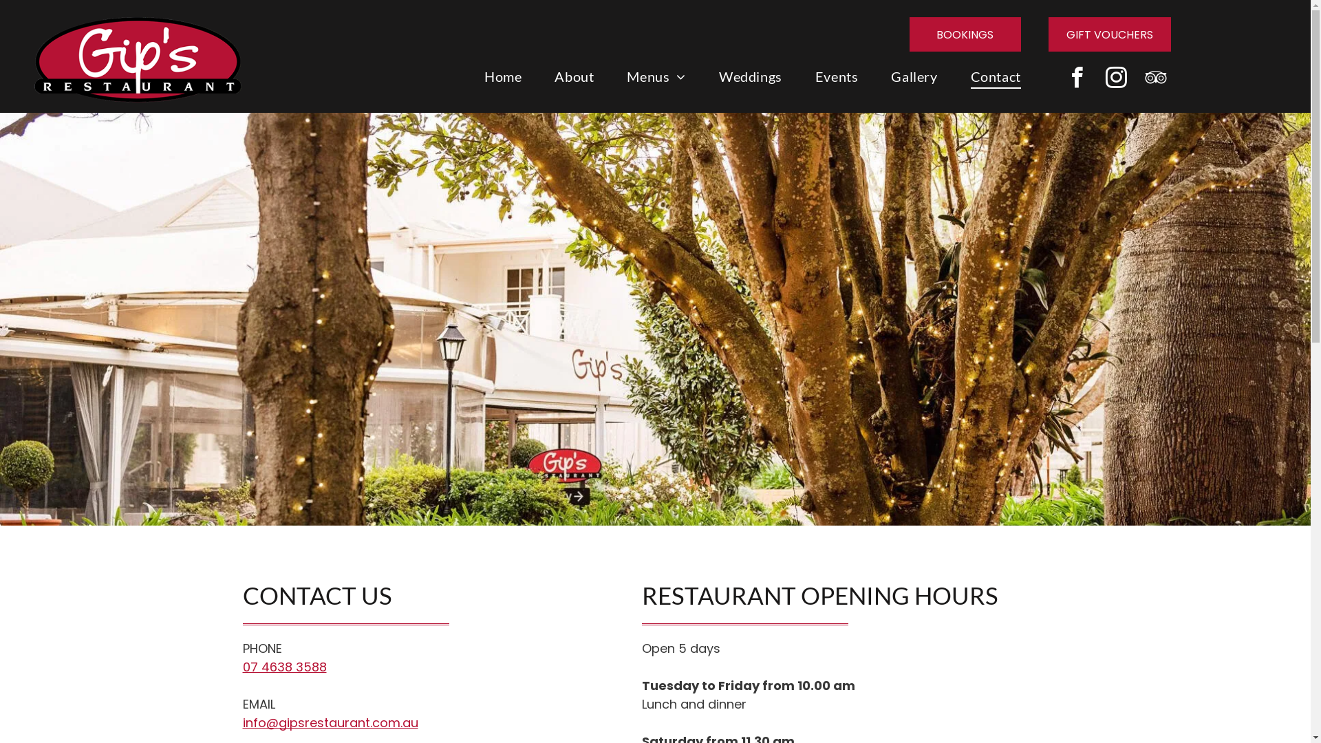  Describe the element at coordinates (996, 76) in the screenshot. I see `'Contact'` at that location.